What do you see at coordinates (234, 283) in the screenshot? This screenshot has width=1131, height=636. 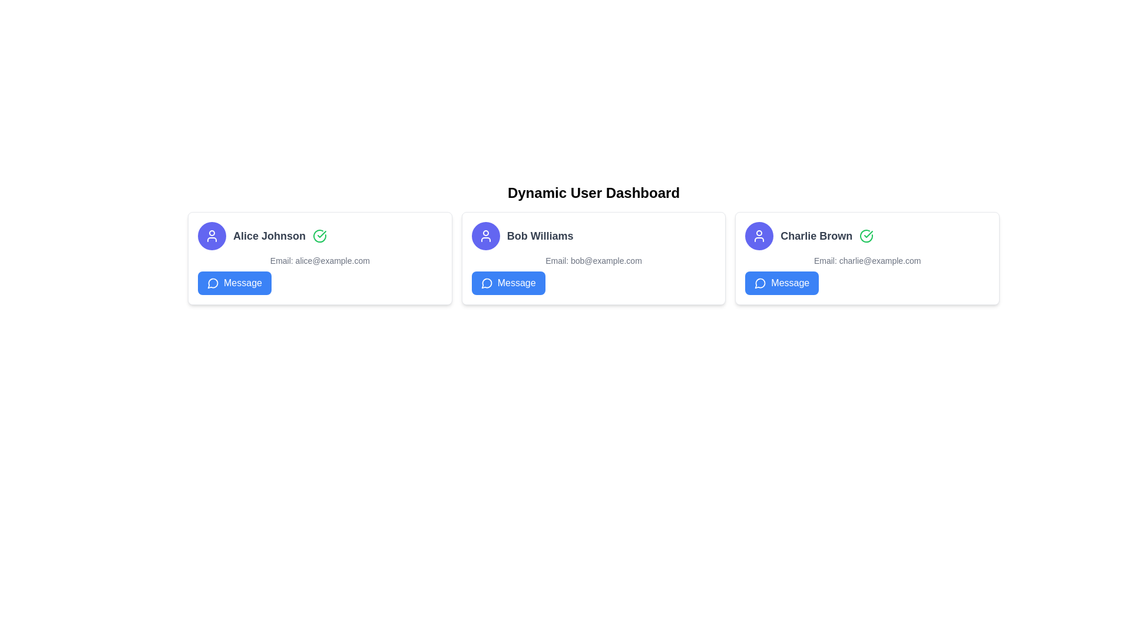 I see `the 'Message' button with a blue rectangular background and a speech bubble icon, located at the bottom of Alice Johnson's user card` at bounding box center [234, 283].